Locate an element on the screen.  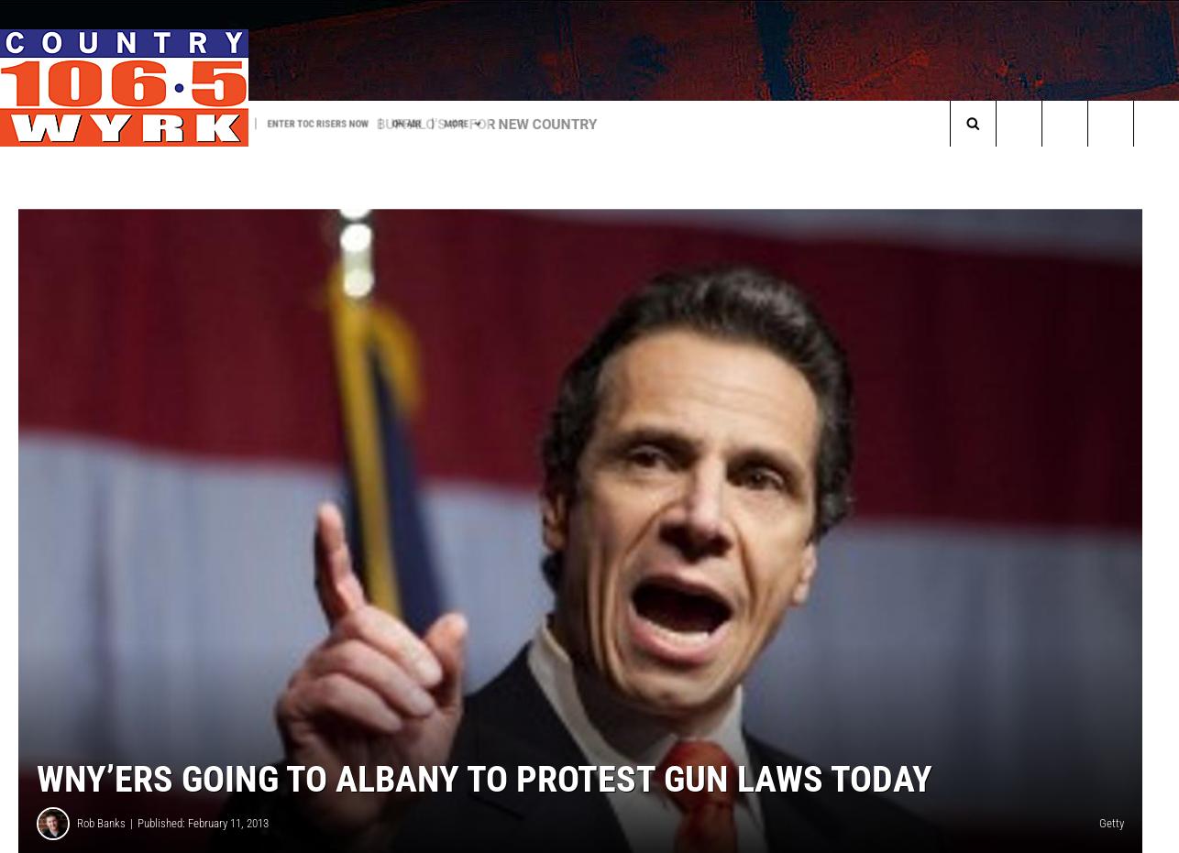
'On Air' is located at coordinates (504, 122).